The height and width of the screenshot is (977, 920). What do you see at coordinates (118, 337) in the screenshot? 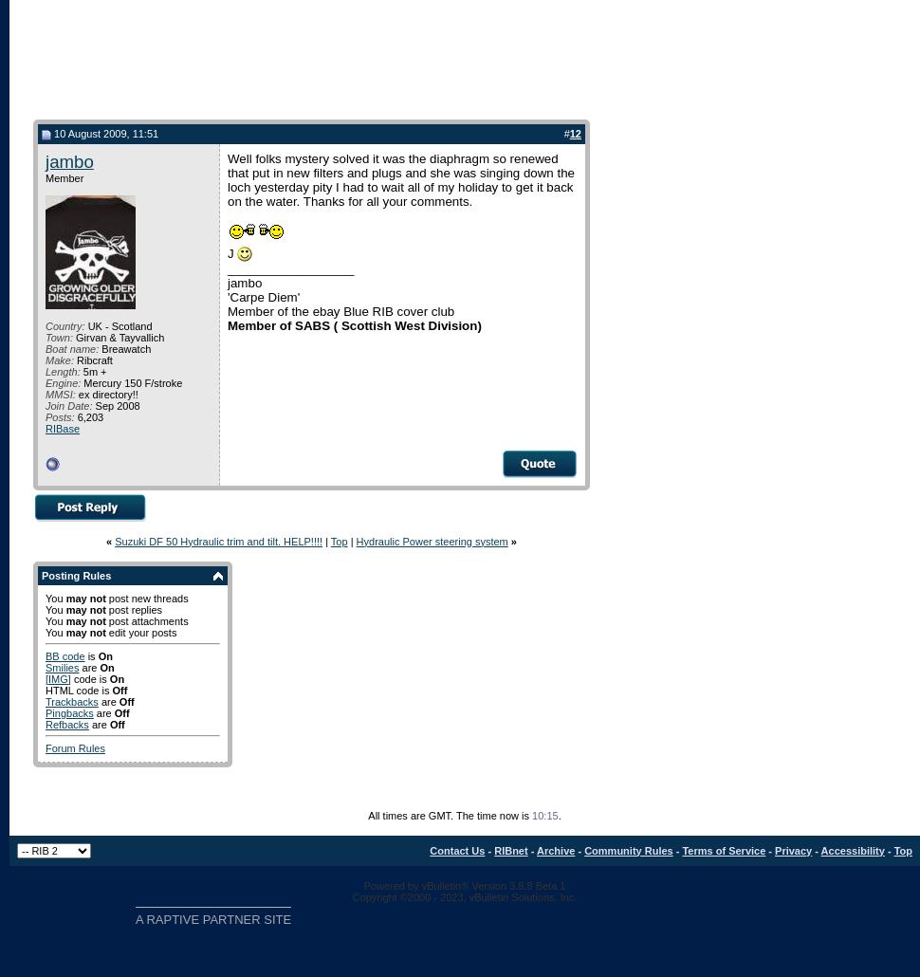
I see `'Girvan & Tayvallich'` at bounding box center [118, 337].